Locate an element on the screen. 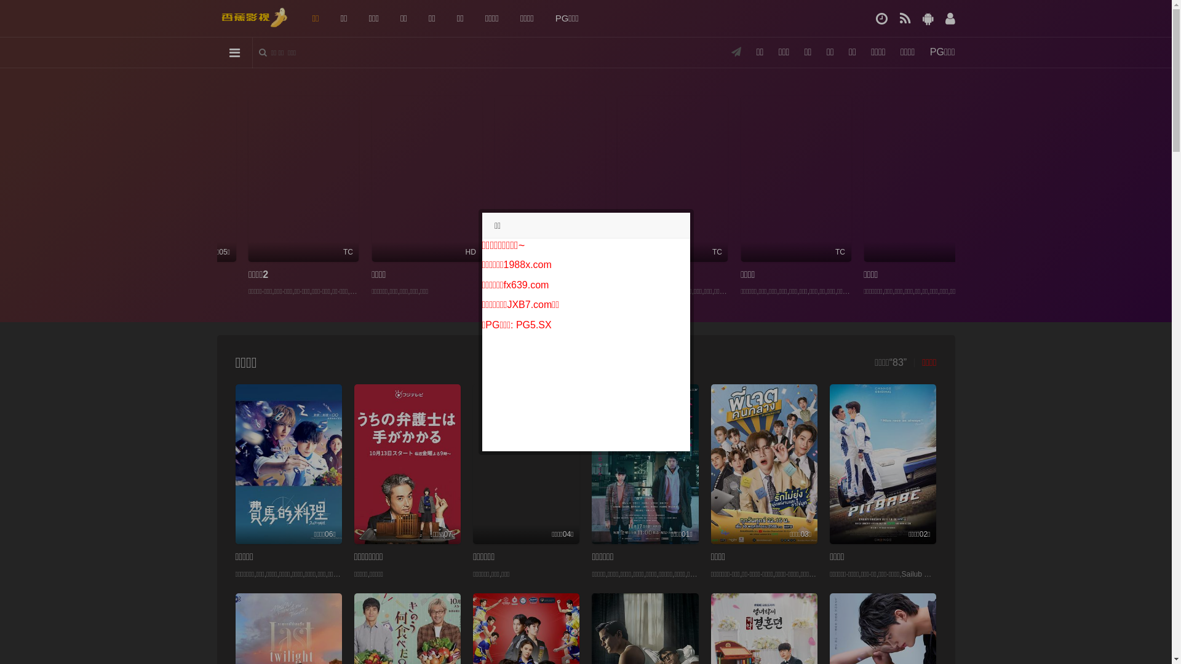 This screenshot has height=664, width=1181. 'HD' is located at coordinates (893, 178).